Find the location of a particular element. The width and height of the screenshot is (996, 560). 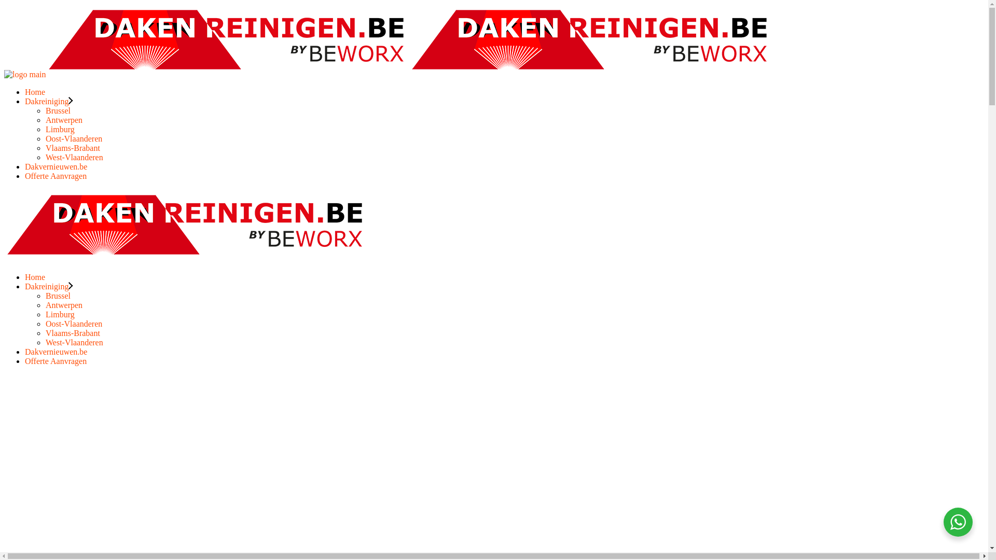

'Limburg' is located at coordinates (59, 129).